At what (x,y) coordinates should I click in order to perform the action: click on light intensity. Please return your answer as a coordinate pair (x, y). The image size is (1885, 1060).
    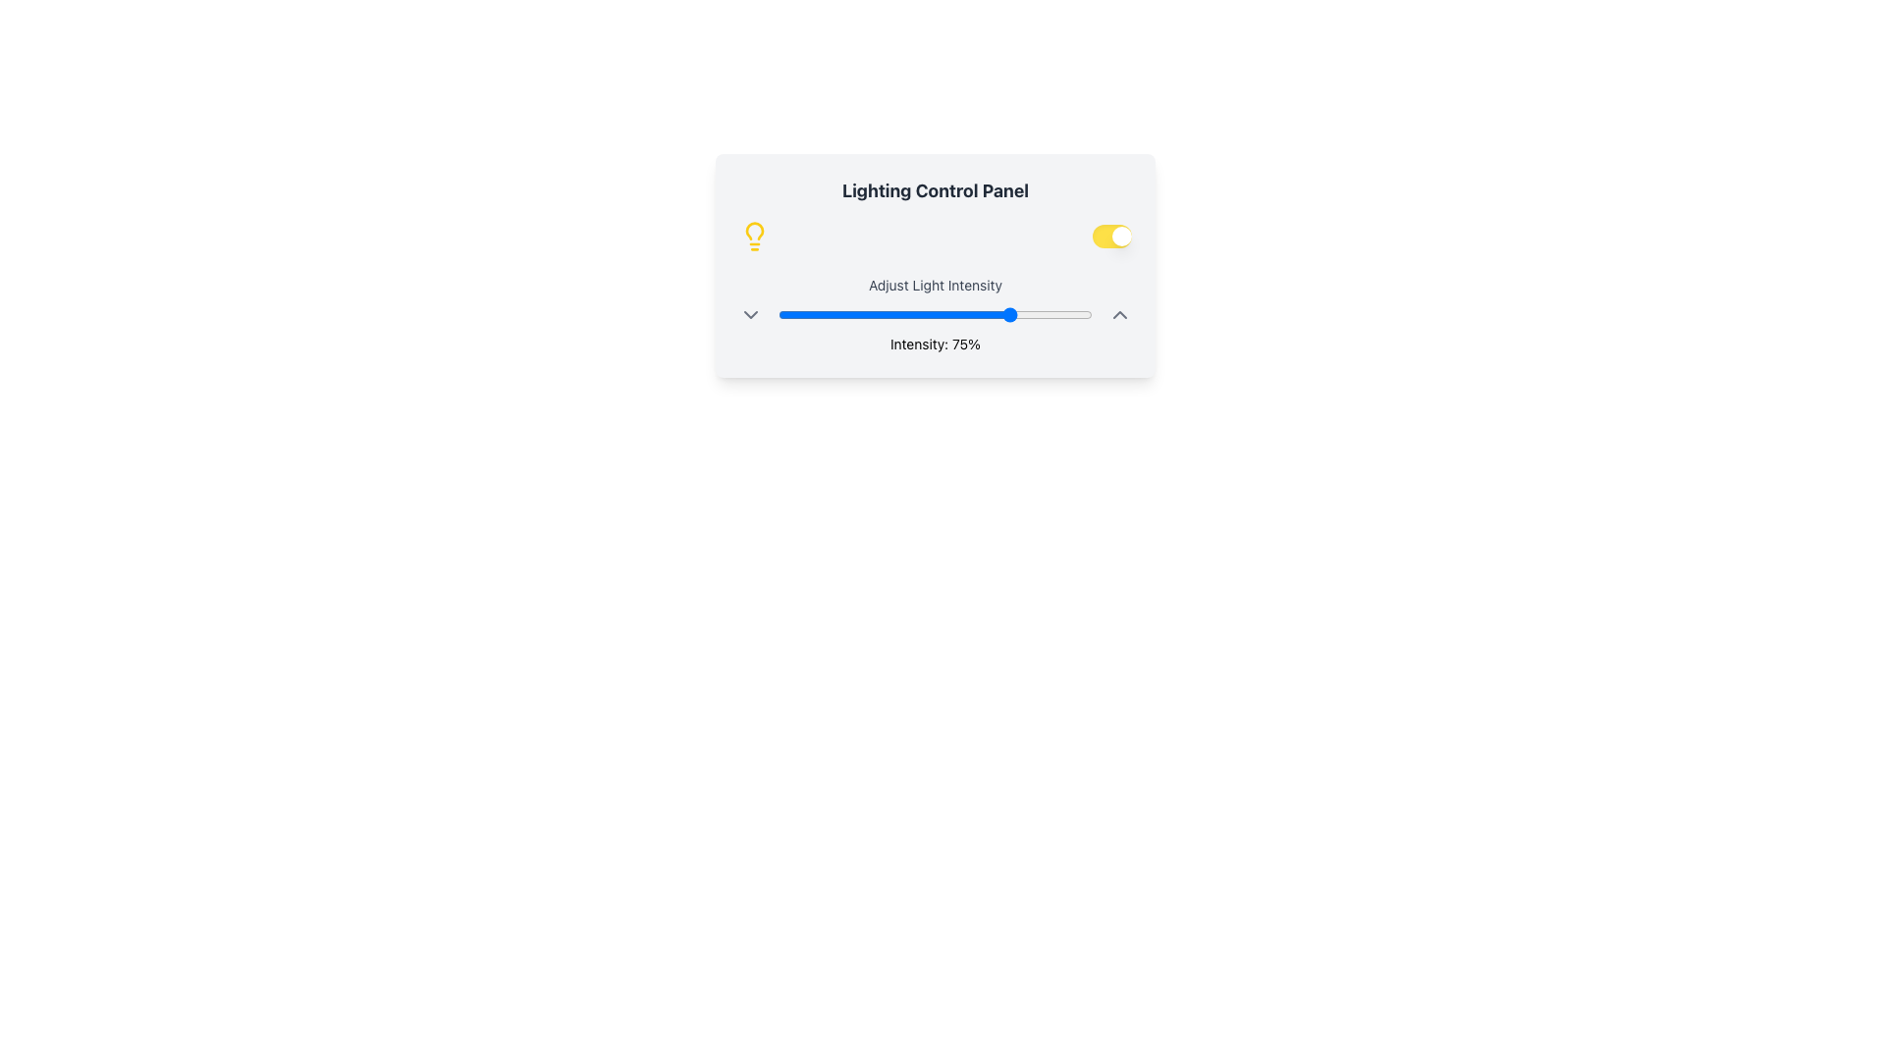
    Looking at the image, I should click on (1069, 313).